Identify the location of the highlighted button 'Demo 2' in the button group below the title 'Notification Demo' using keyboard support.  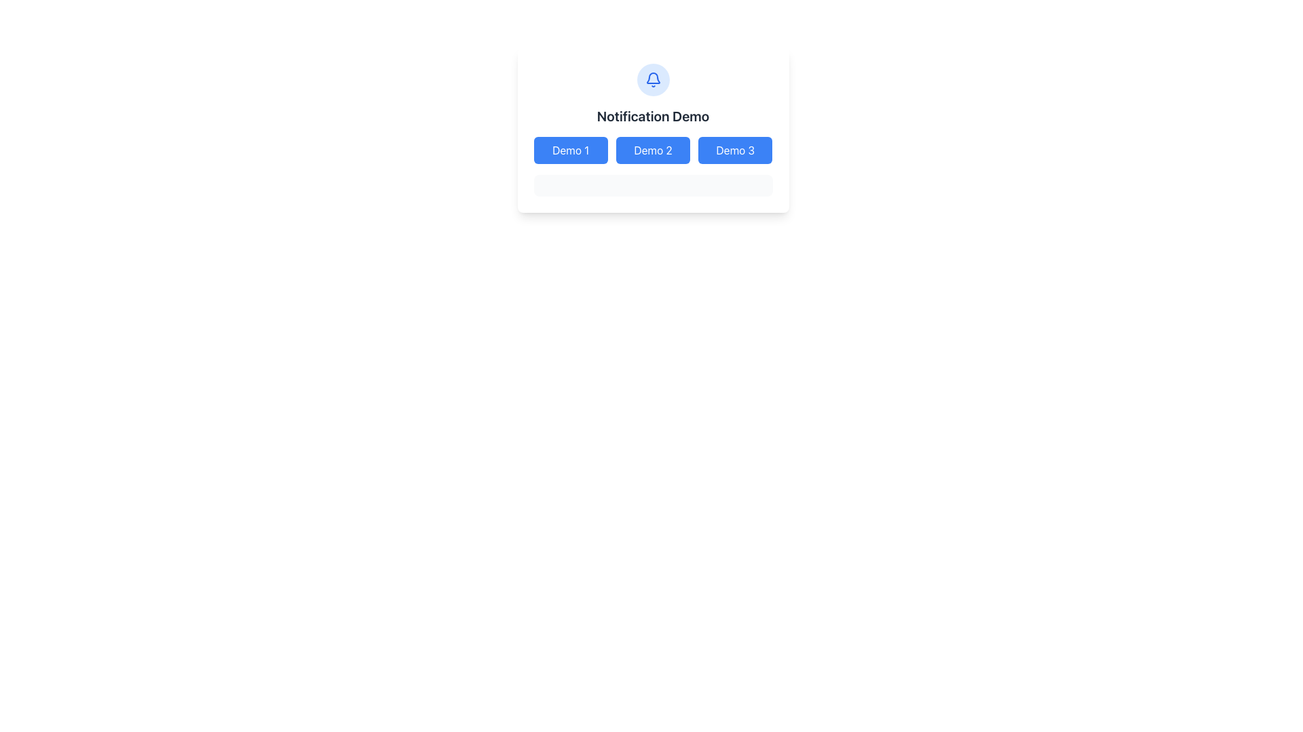
(653, 150).